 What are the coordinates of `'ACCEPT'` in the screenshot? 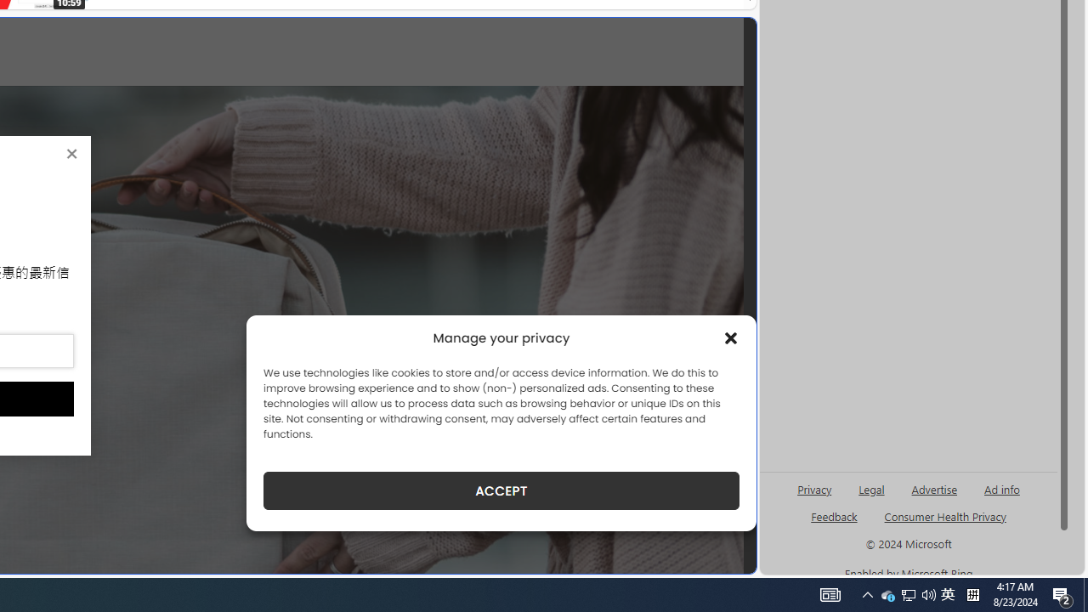 It's located at (501, 490).